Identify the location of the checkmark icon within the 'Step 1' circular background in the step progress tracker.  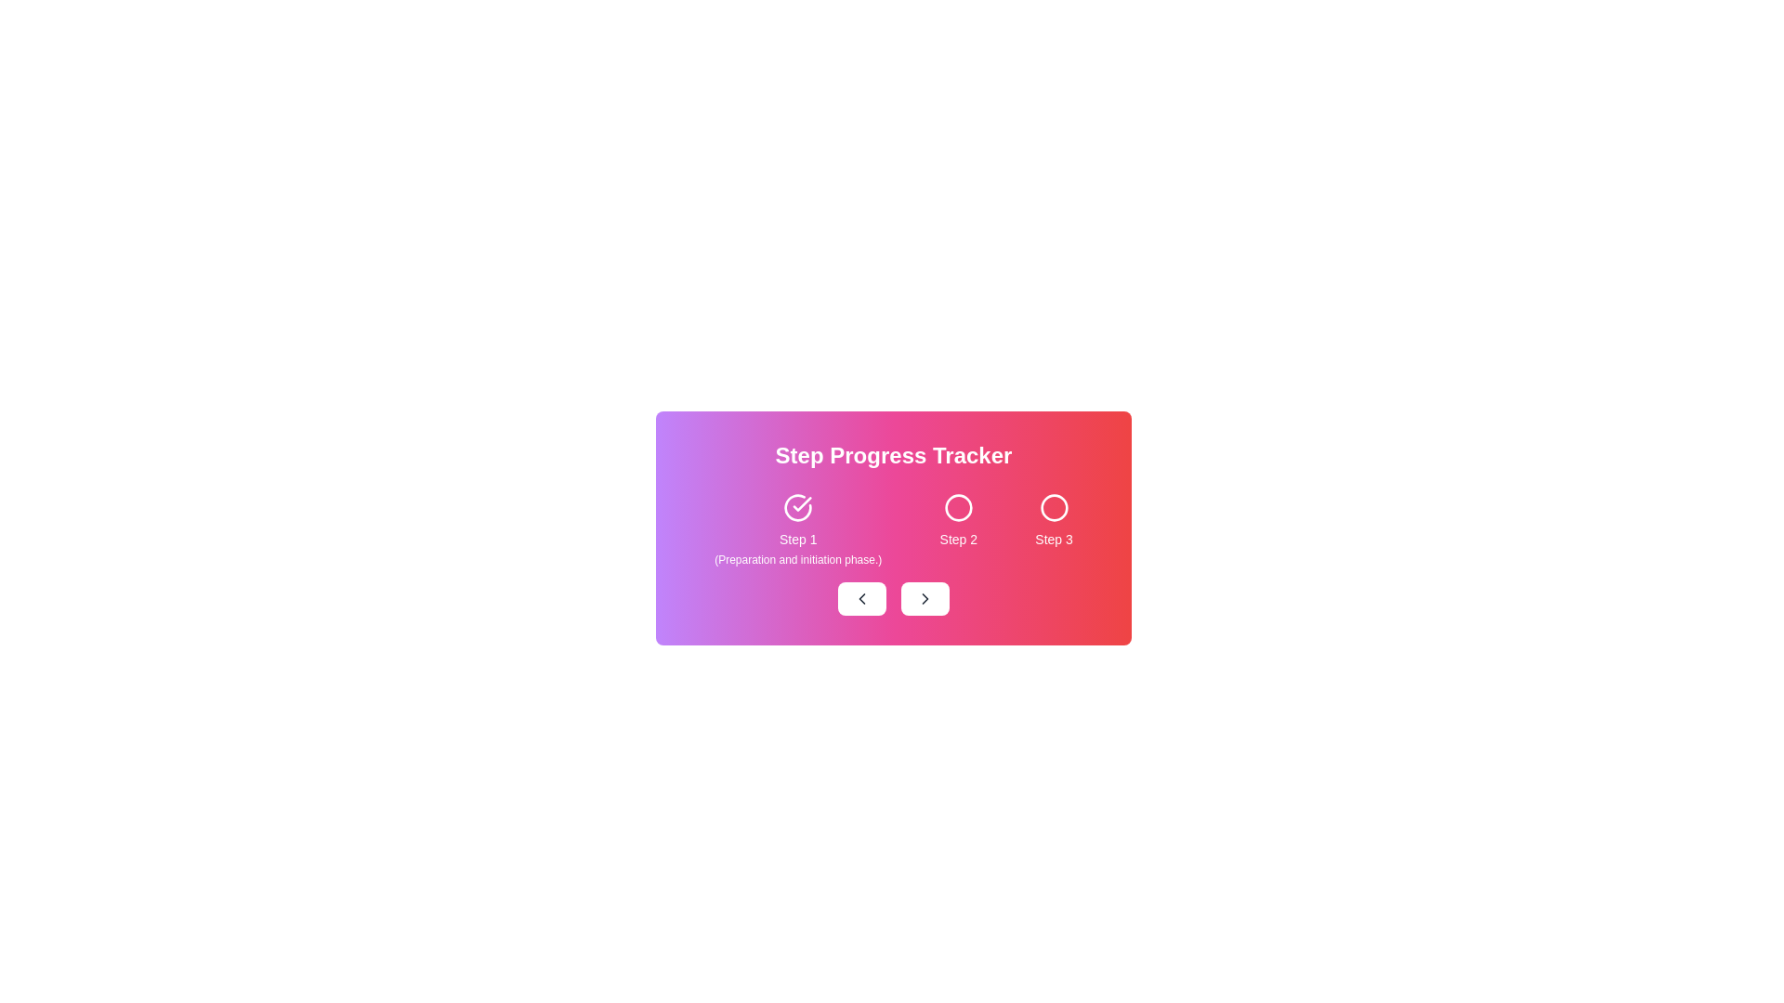
(802, 504).